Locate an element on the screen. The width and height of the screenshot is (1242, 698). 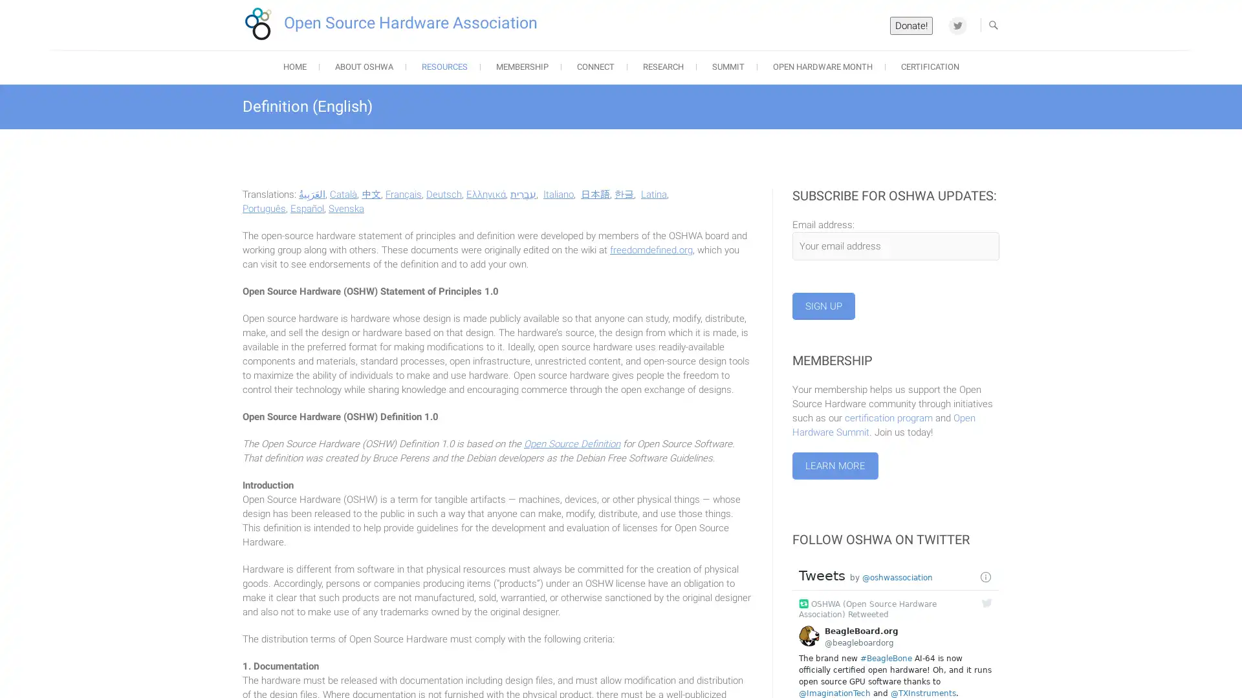
Sign up is located at coordinates (823, 306).